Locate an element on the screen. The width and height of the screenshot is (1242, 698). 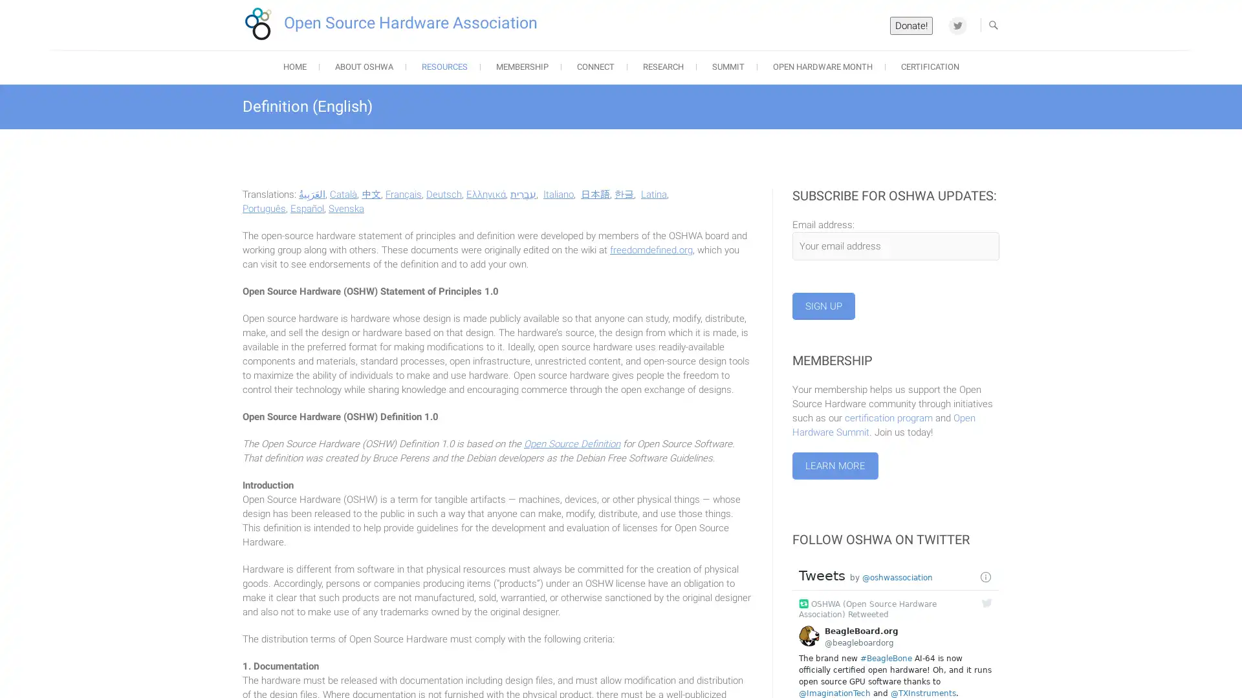
Sign up is located at coordinates (823, 306).